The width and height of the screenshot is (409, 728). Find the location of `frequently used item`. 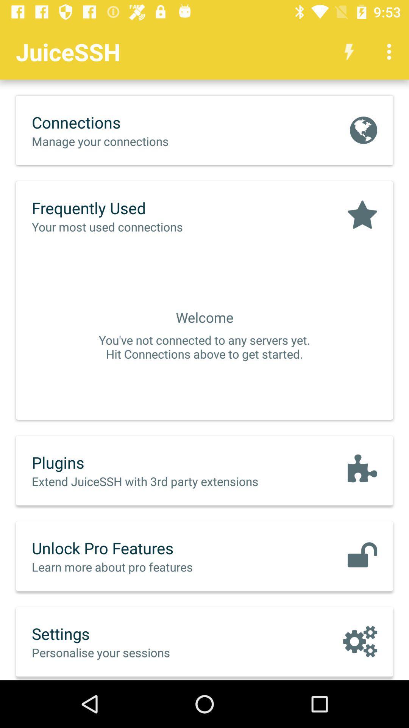

frequently used item is located at coordinates (123, 208).